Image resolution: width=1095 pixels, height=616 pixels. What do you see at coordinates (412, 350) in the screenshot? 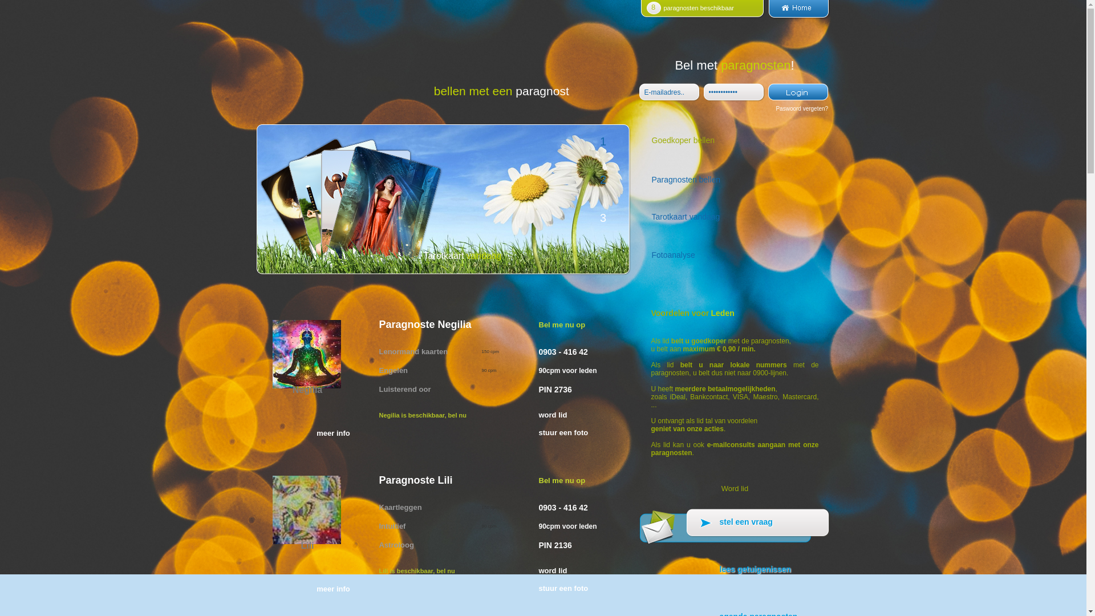
I see `'Lenormand kaarten'` at bounding box center [412, 350].